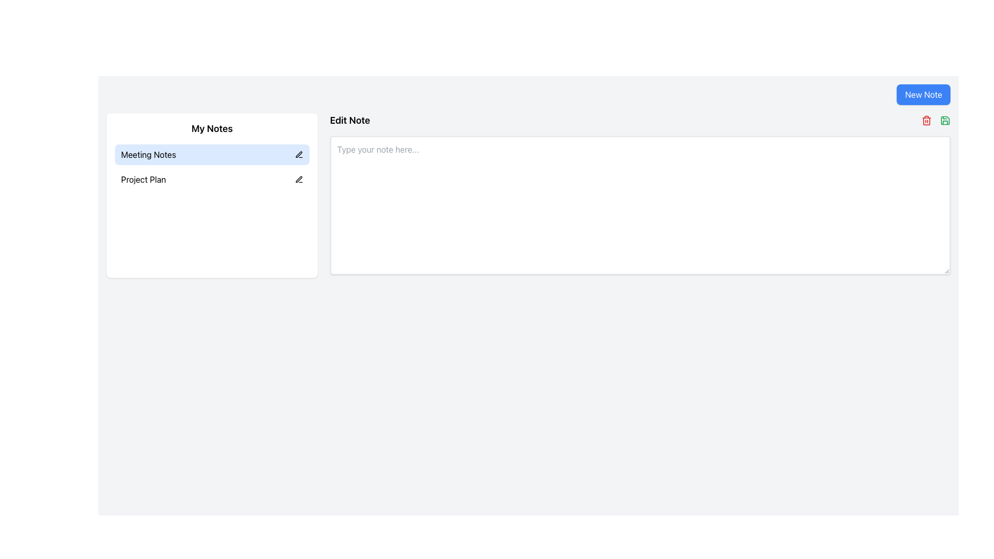  I want to click on the 'New Note' button located in the top-right corner of the interface, so click(924, 94).